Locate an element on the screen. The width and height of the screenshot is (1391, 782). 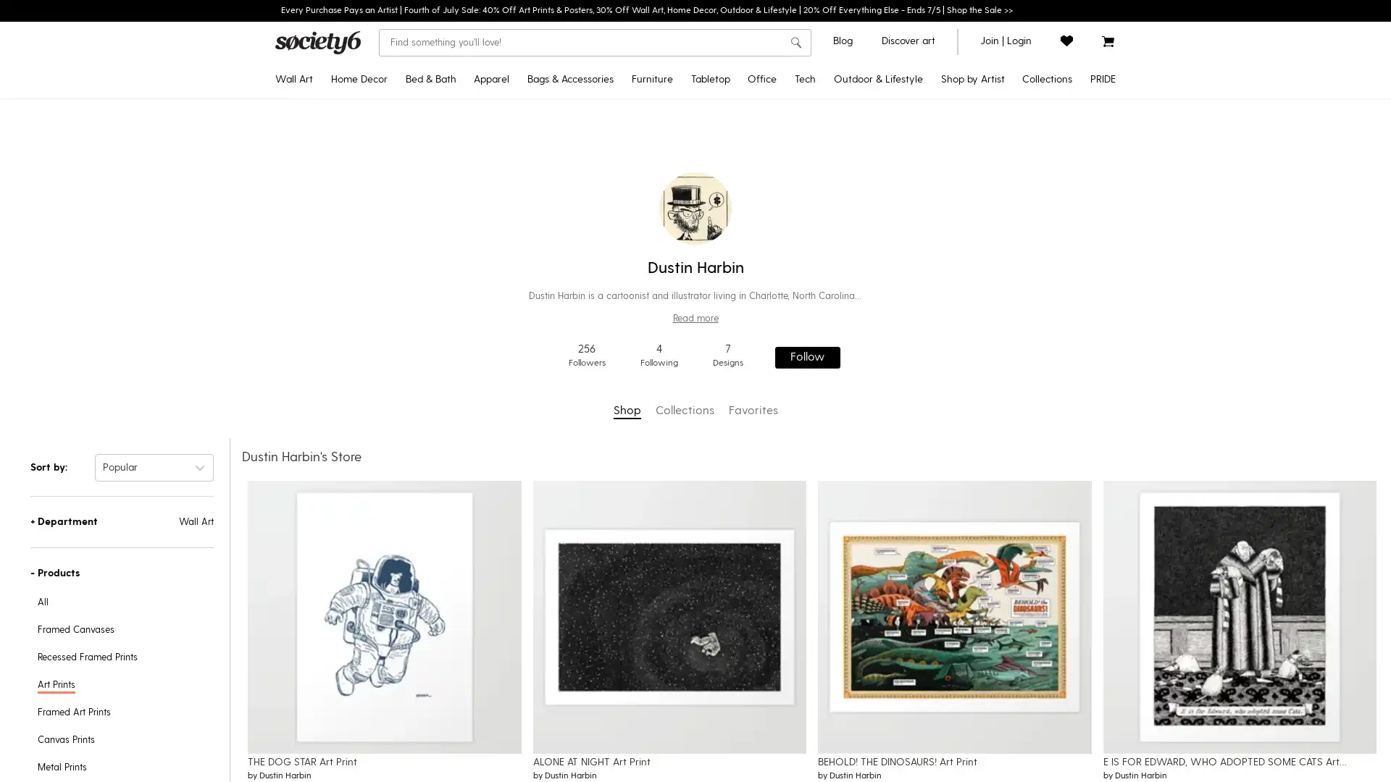
Outdoor Throw Pillows is located at coordinates (897, 233).